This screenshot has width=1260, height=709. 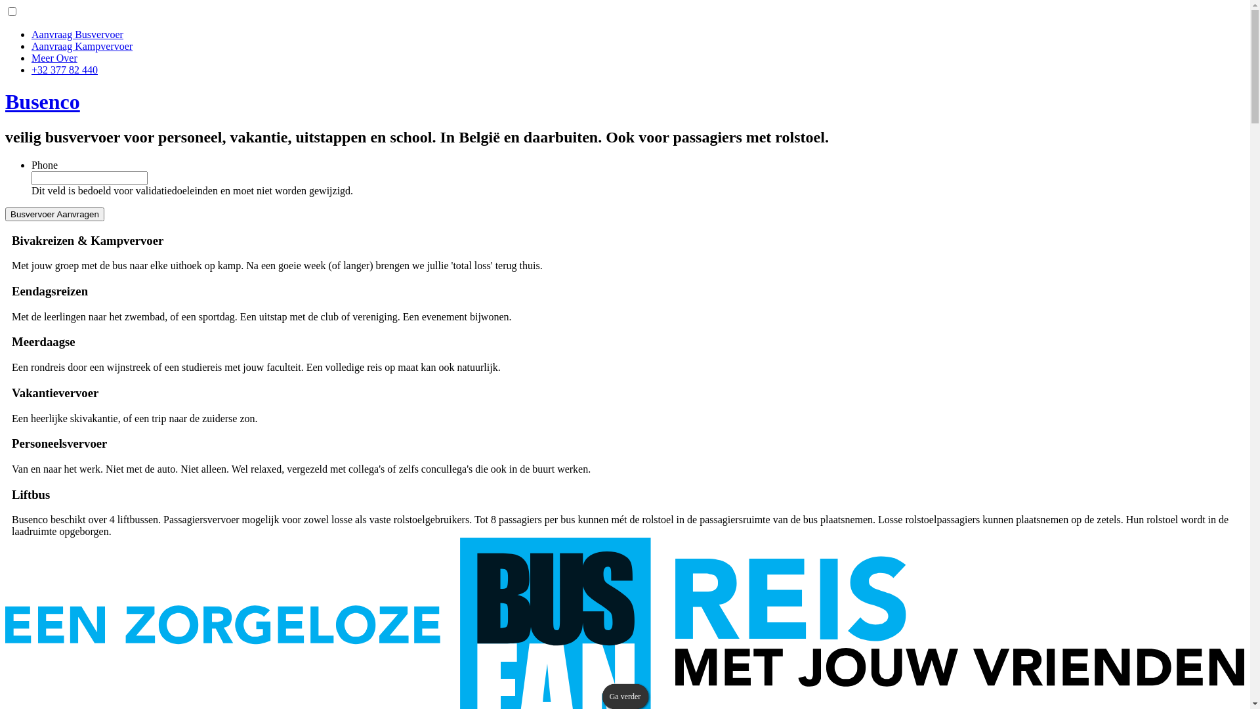 I want to click on 'Busenco', so click(x=43, y=100).